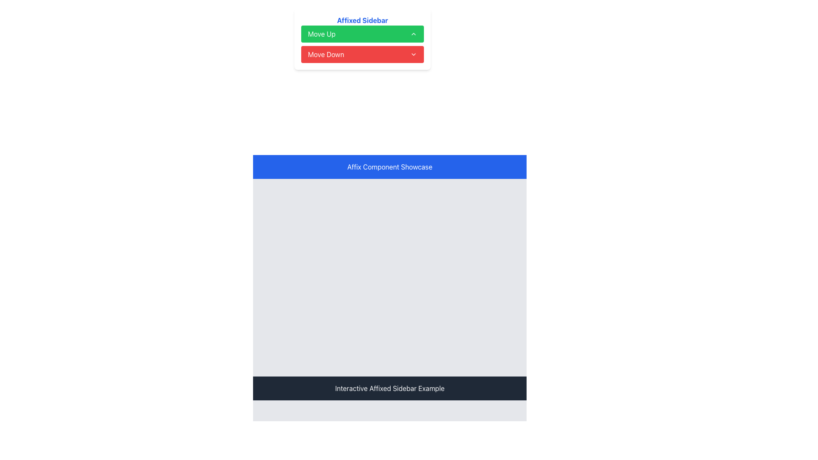 The image size is (818, 460). Describe the element at coordinates (362, 54) in the screenshot. I see `the red button labeled 'Move Down' with a downward-pointing chevron icon` at that location.